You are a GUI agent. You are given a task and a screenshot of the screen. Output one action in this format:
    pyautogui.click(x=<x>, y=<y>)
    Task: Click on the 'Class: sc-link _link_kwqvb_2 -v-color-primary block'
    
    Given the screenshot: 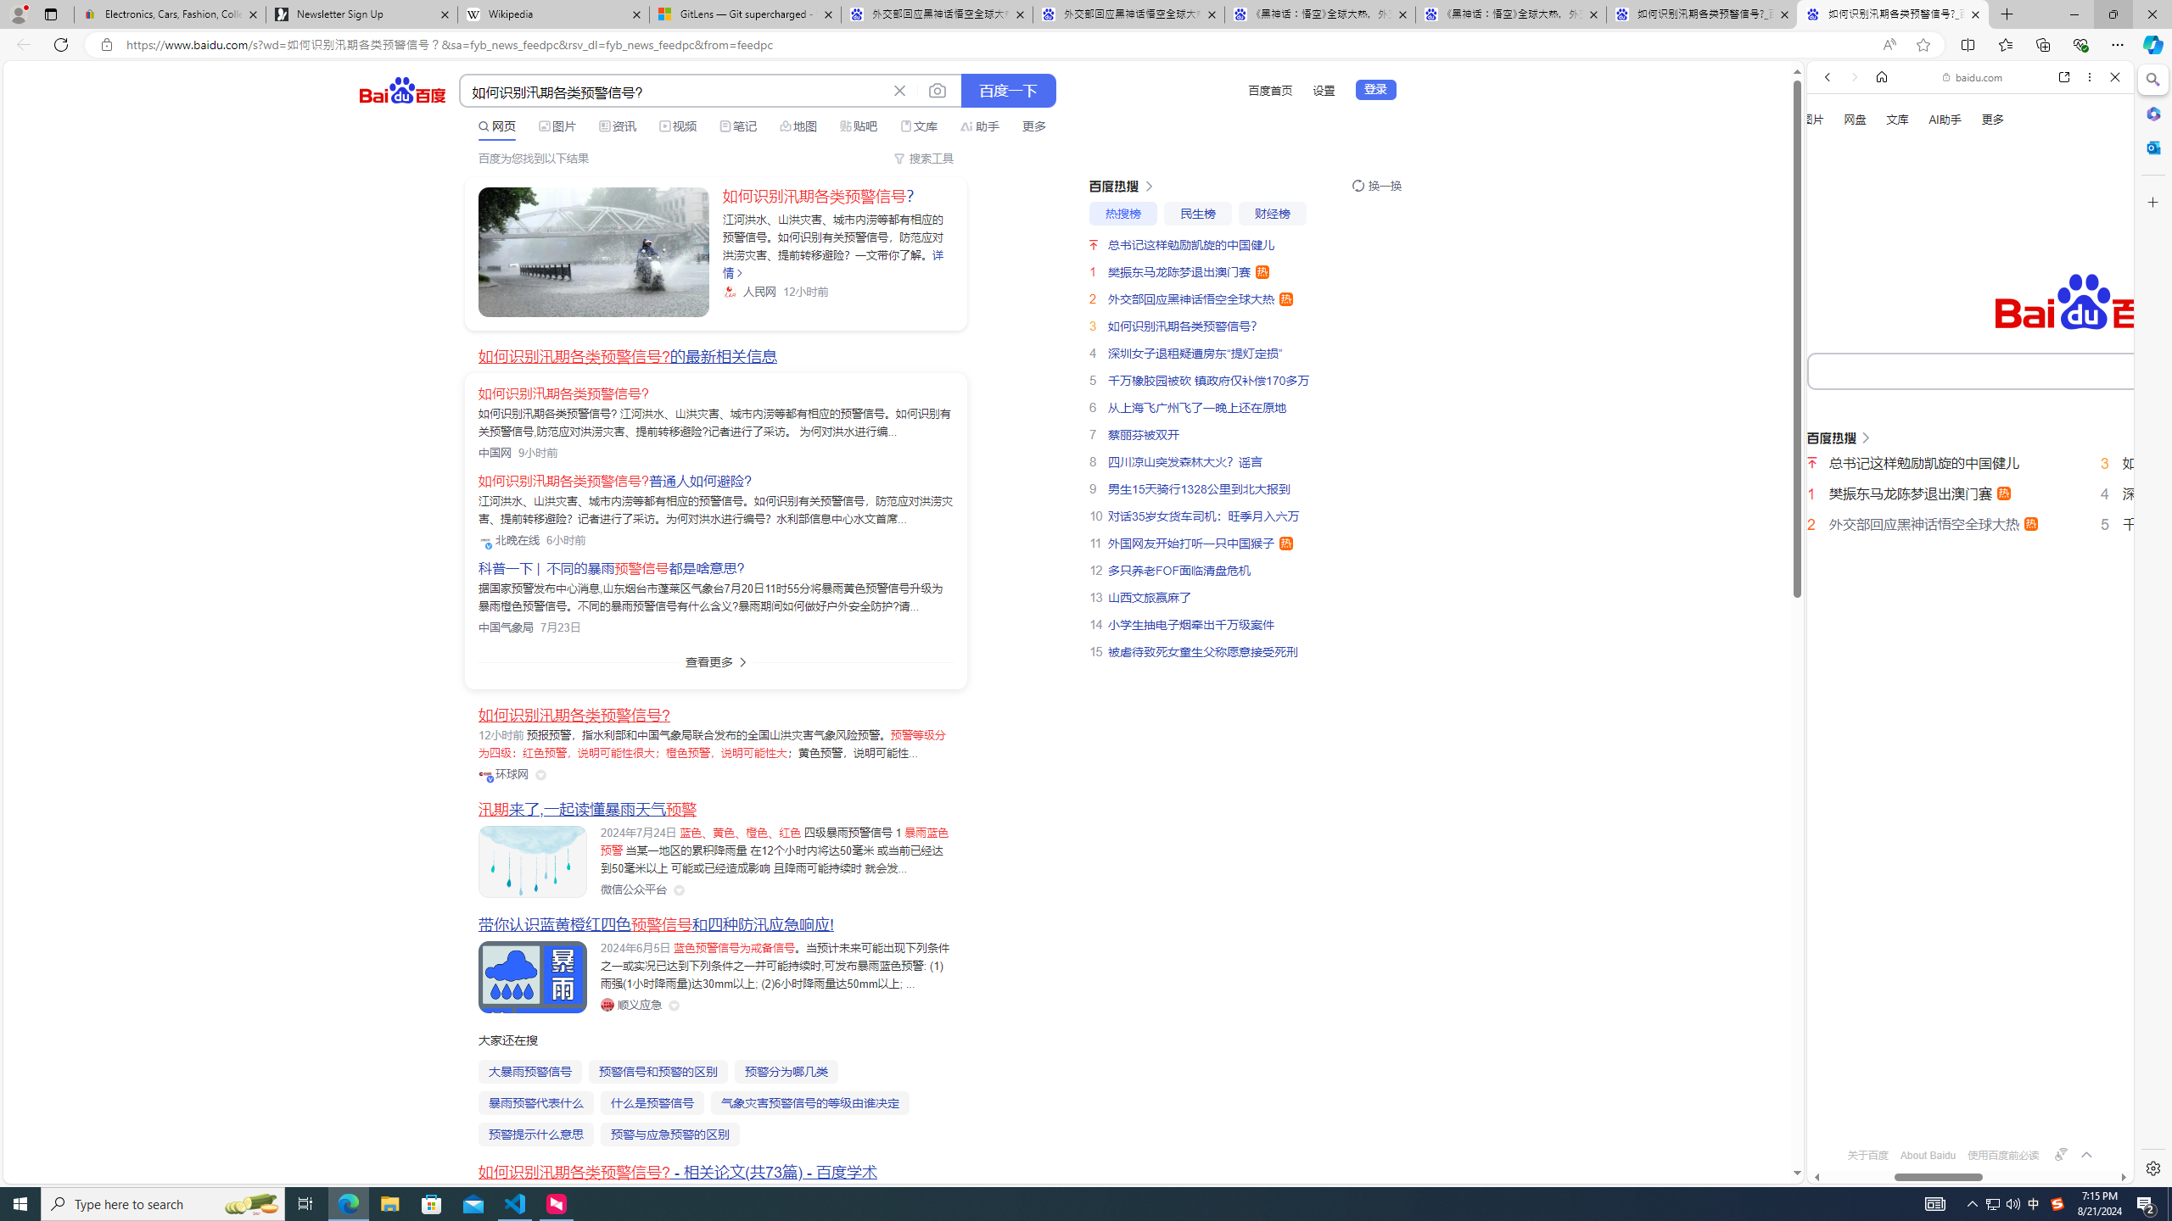 What is the action you would take?
    pyautogui.click(x=594, y=251)
    